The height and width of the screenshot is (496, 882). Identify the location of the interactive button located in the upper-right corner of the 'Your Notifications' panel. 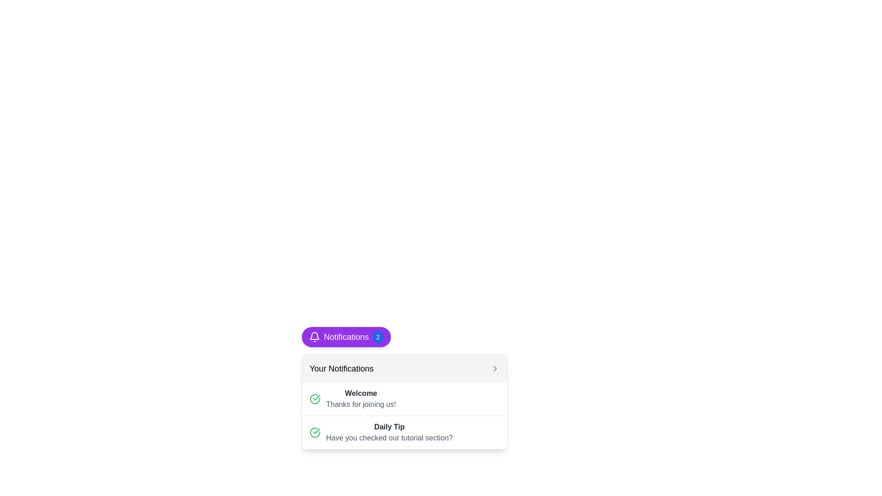
(495, 368).